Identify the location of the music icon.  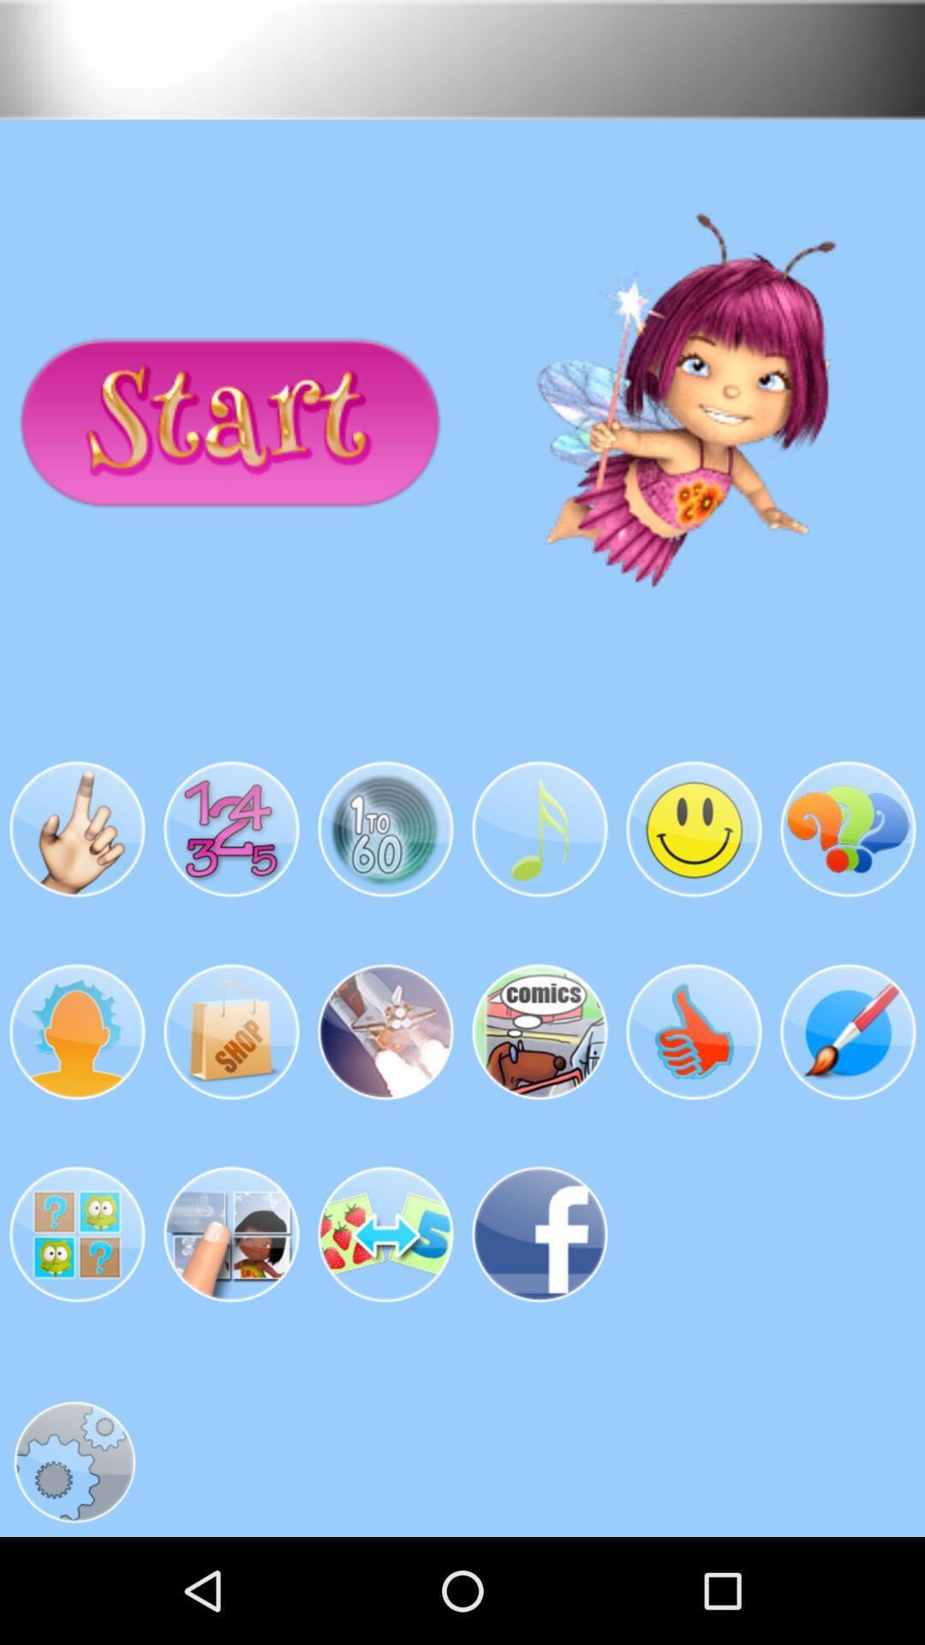
(538, 888).